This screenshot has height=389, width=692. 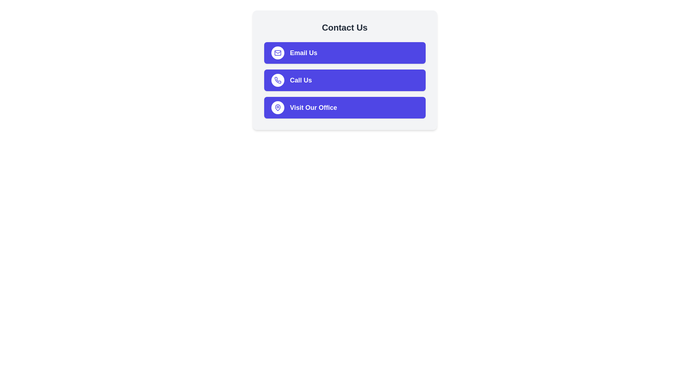 I want to click on the phone call button located in the center of the contact section, which is the second of three action buttons, to initiate the call, so click(x=344, y=80).